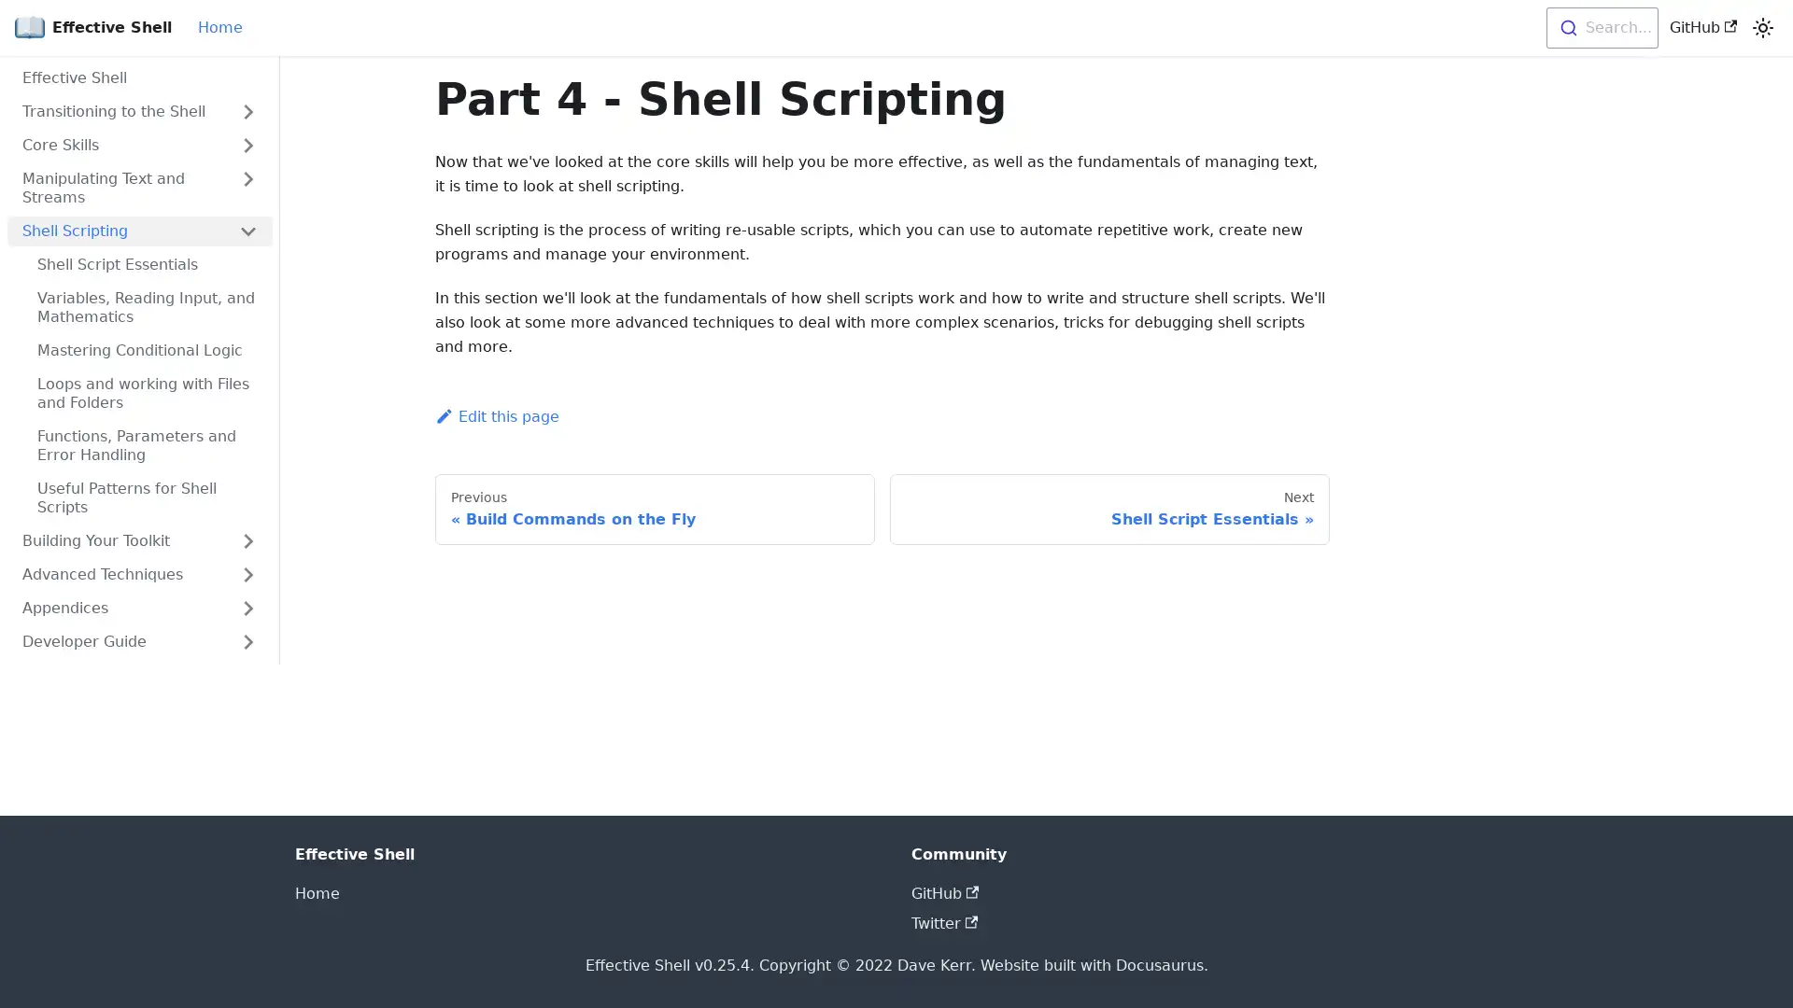  I want to click on Toggle the collapsible sidebar category 'Transitioning to the Shell', so click(247, 111).